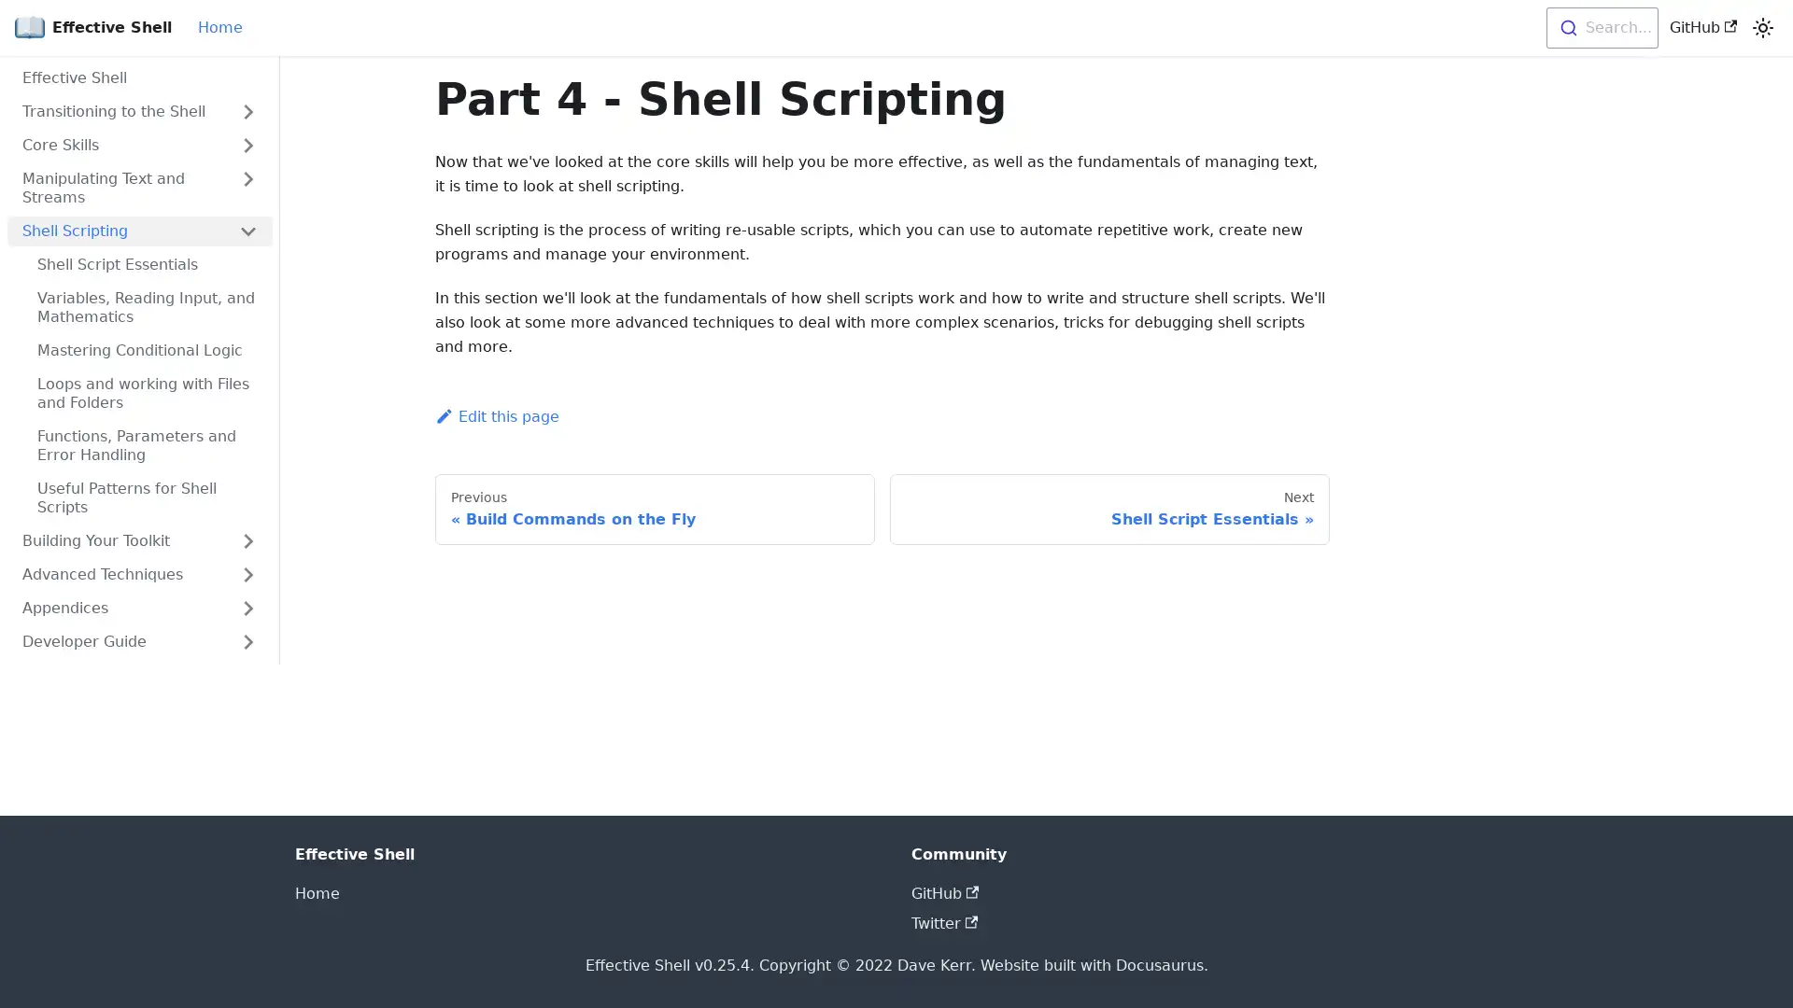  I want to click on Toggle the collapsible sidebar category 'Transitioning to the Shell', so click(247, 111).